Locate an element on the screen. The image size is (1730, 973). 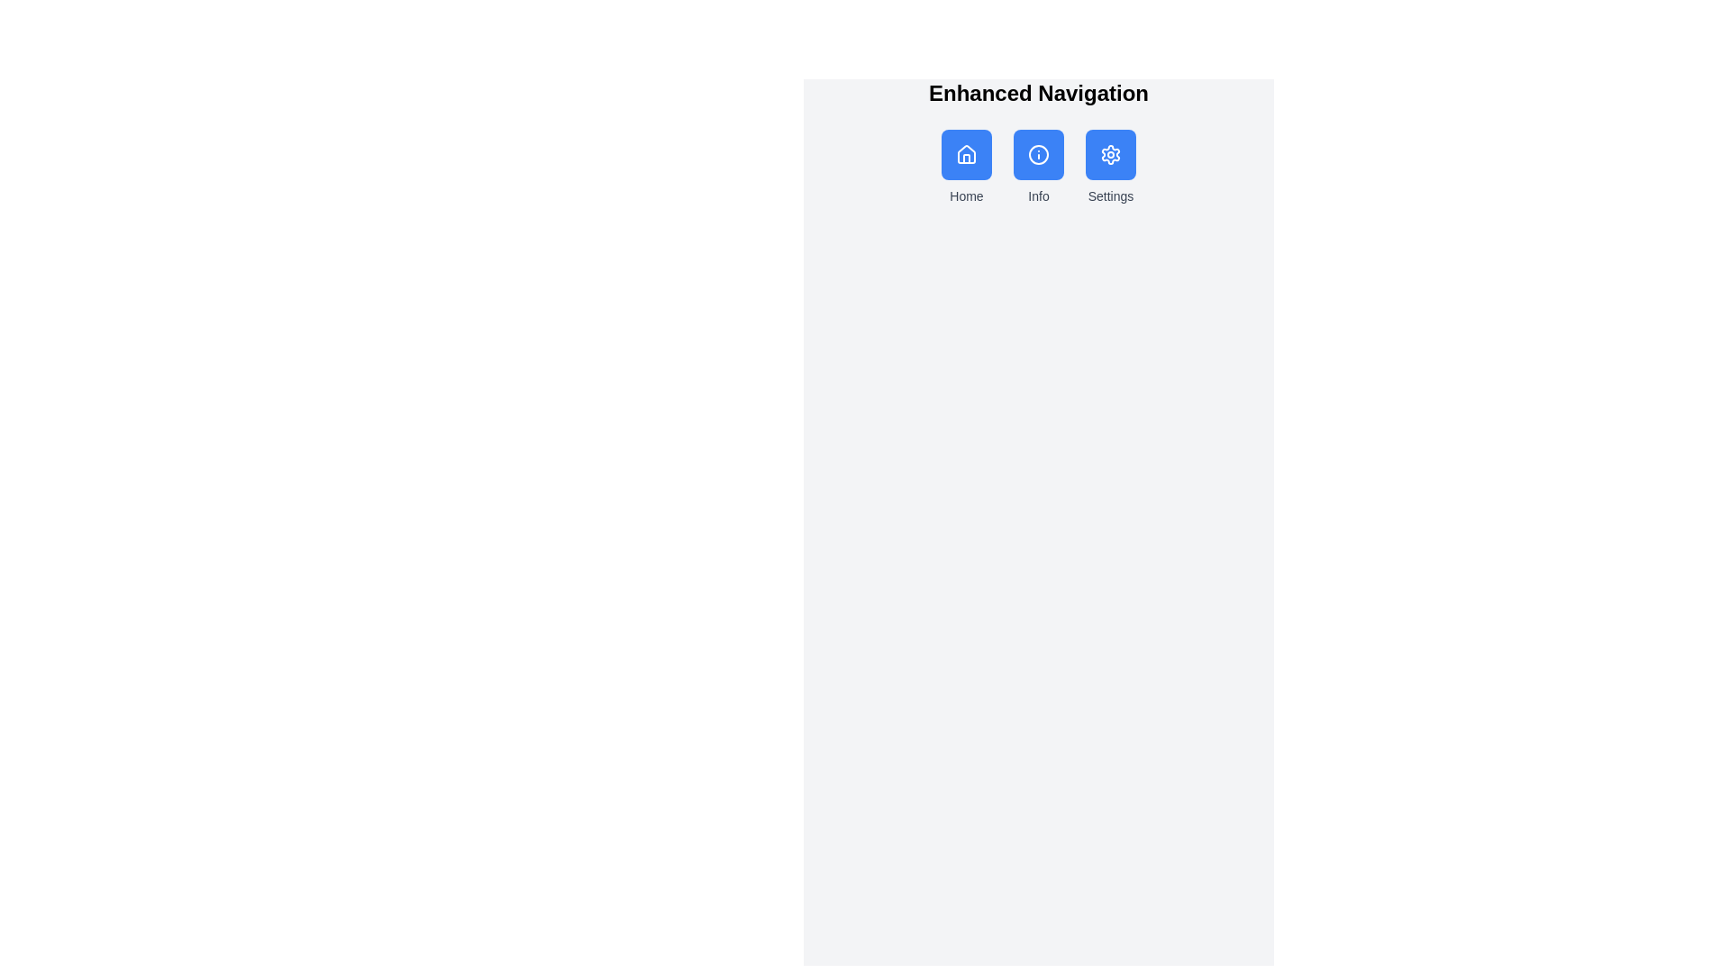
the 'Info' button in the horizontal navigation bar is located at coordinates (1038, 167).